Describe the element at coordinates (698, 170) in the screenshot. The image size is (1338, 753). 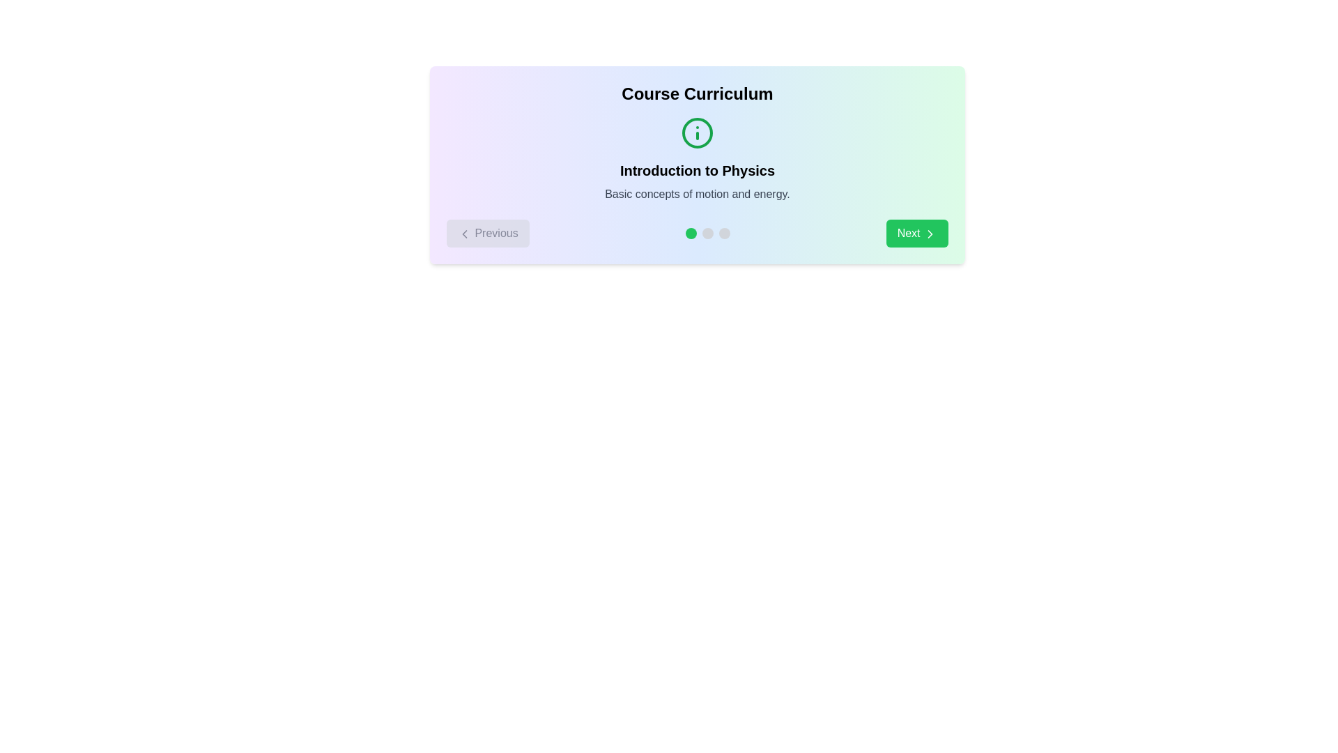
I see `the bold text label 'Introduction to Physics' that is centrally located in the course curriculum overview, positioned below the information icon and above the smaller description text` at that location.